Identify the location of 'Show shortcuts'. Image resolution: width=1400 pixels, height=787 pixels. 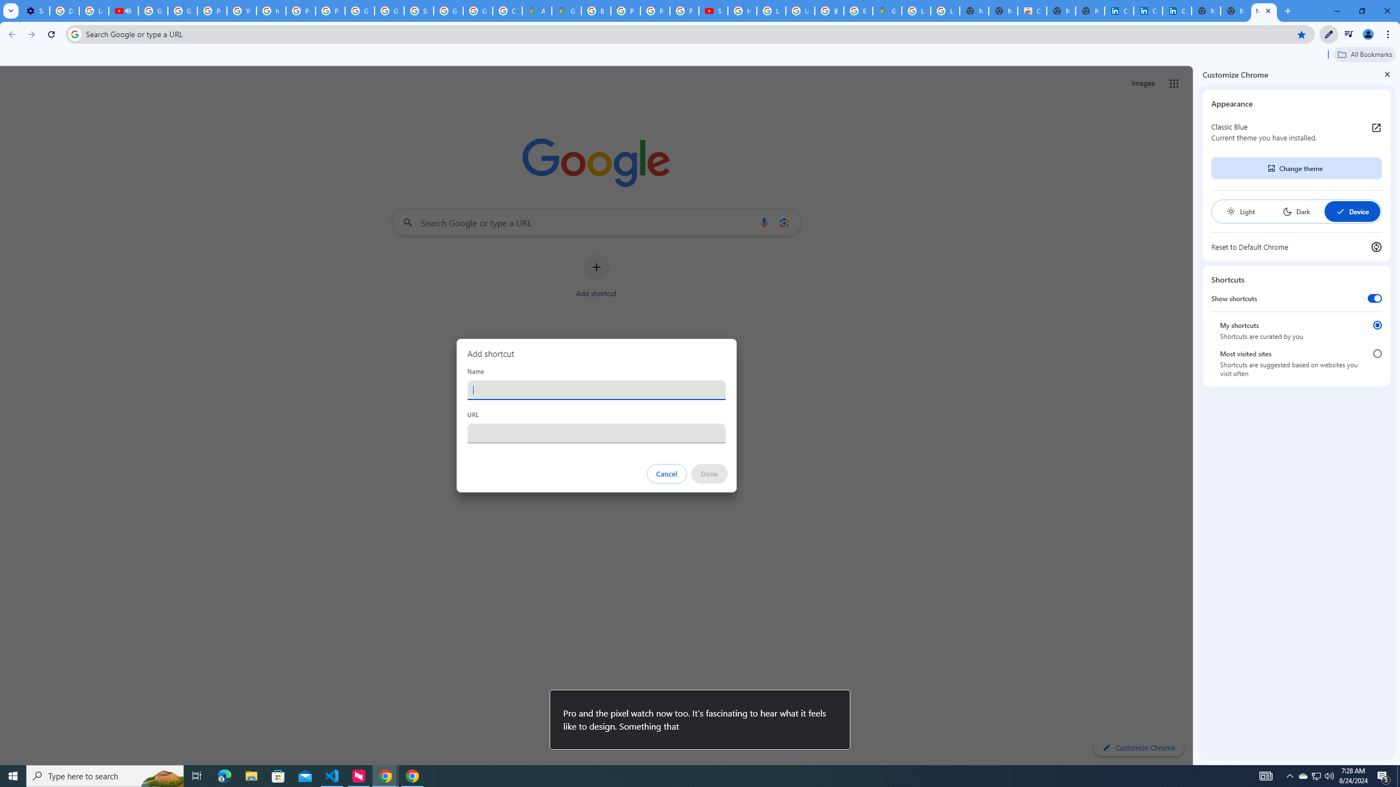
(1374, 298).